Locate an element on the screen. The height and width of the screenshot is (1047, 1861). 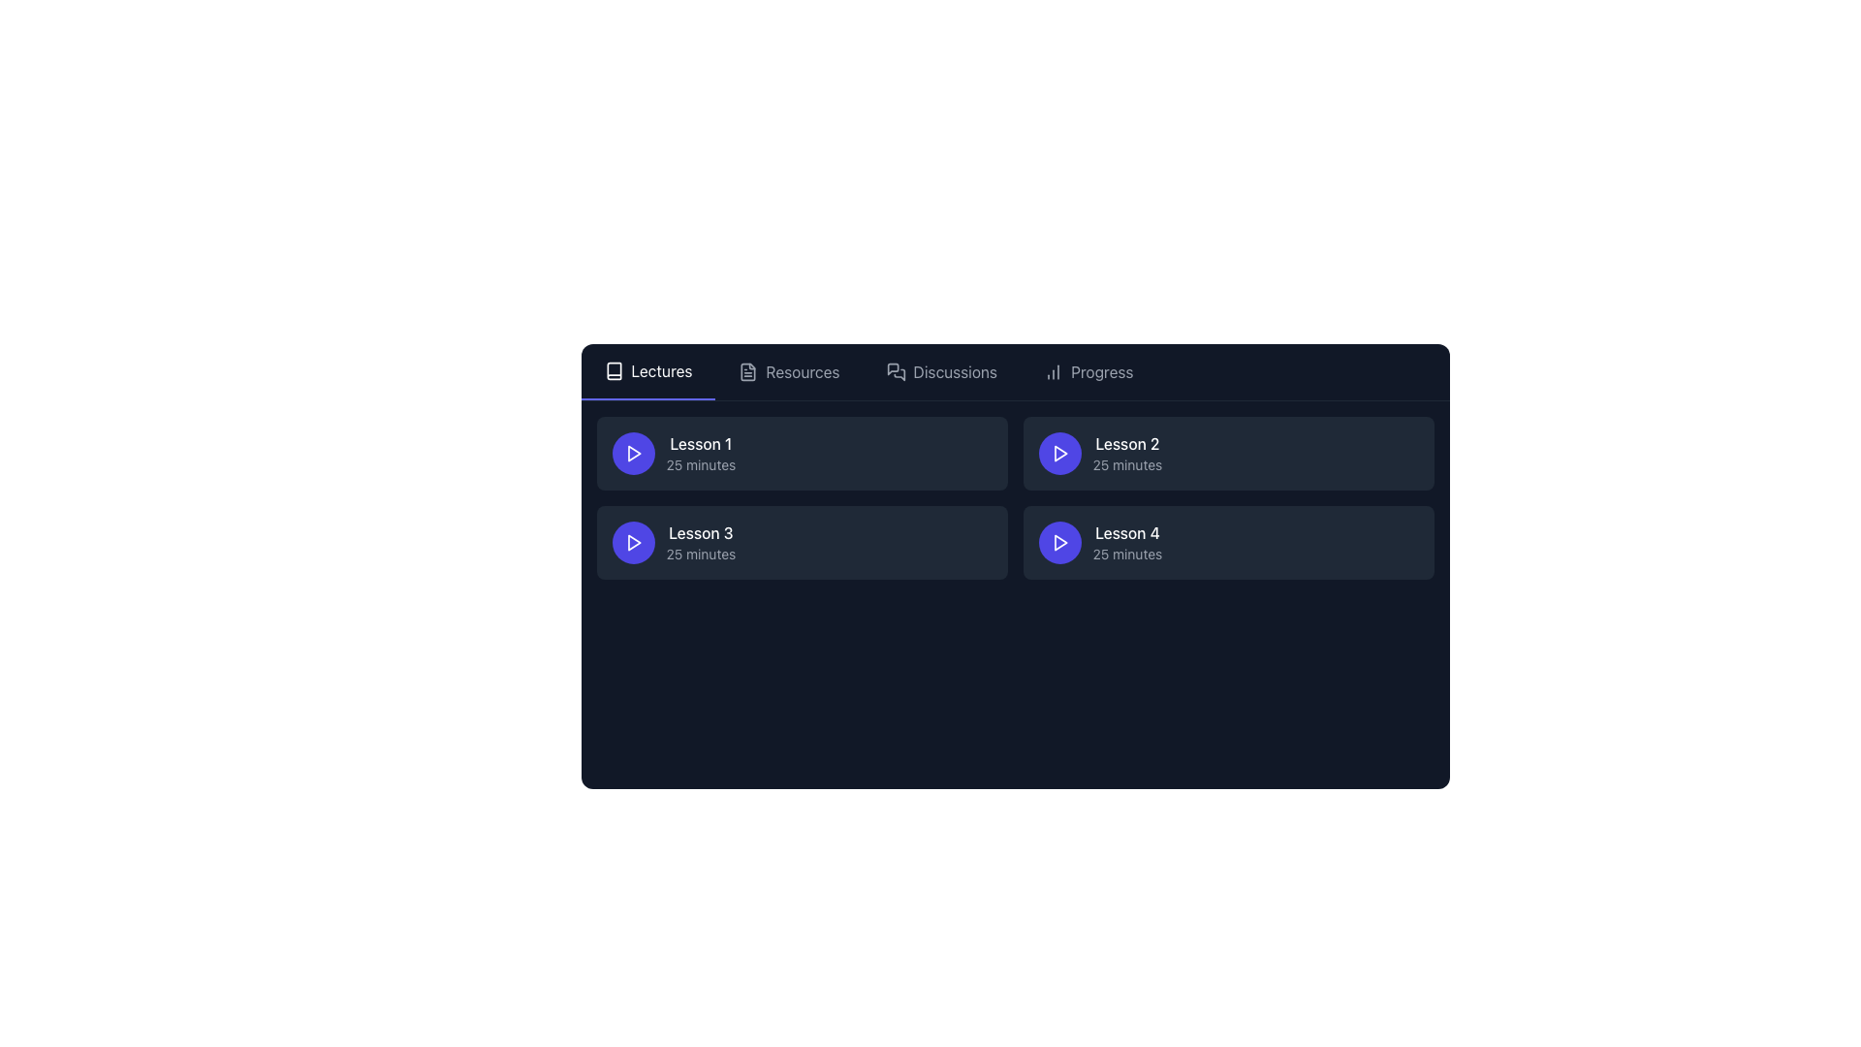
the 'Resources' tab, which is the second tab in the horizontal list, located to the right of the 'Lectures' tab and left of the 'Discussions' tab is located at coordinates (789, 372).